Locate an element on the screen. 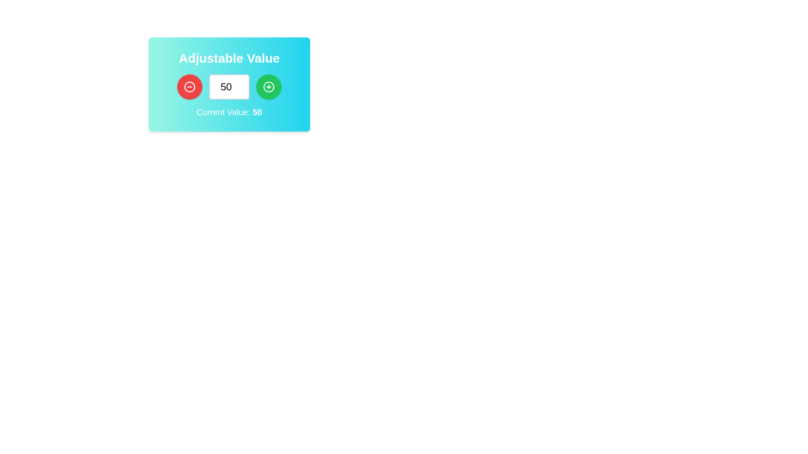 The width and height of the screenshot is (808, 454). the green circular button with a plus sign located to the right of the numeric display and the red minus button in the 'Adjustable Value' card to increment the value is located at coordinates (268, 87).